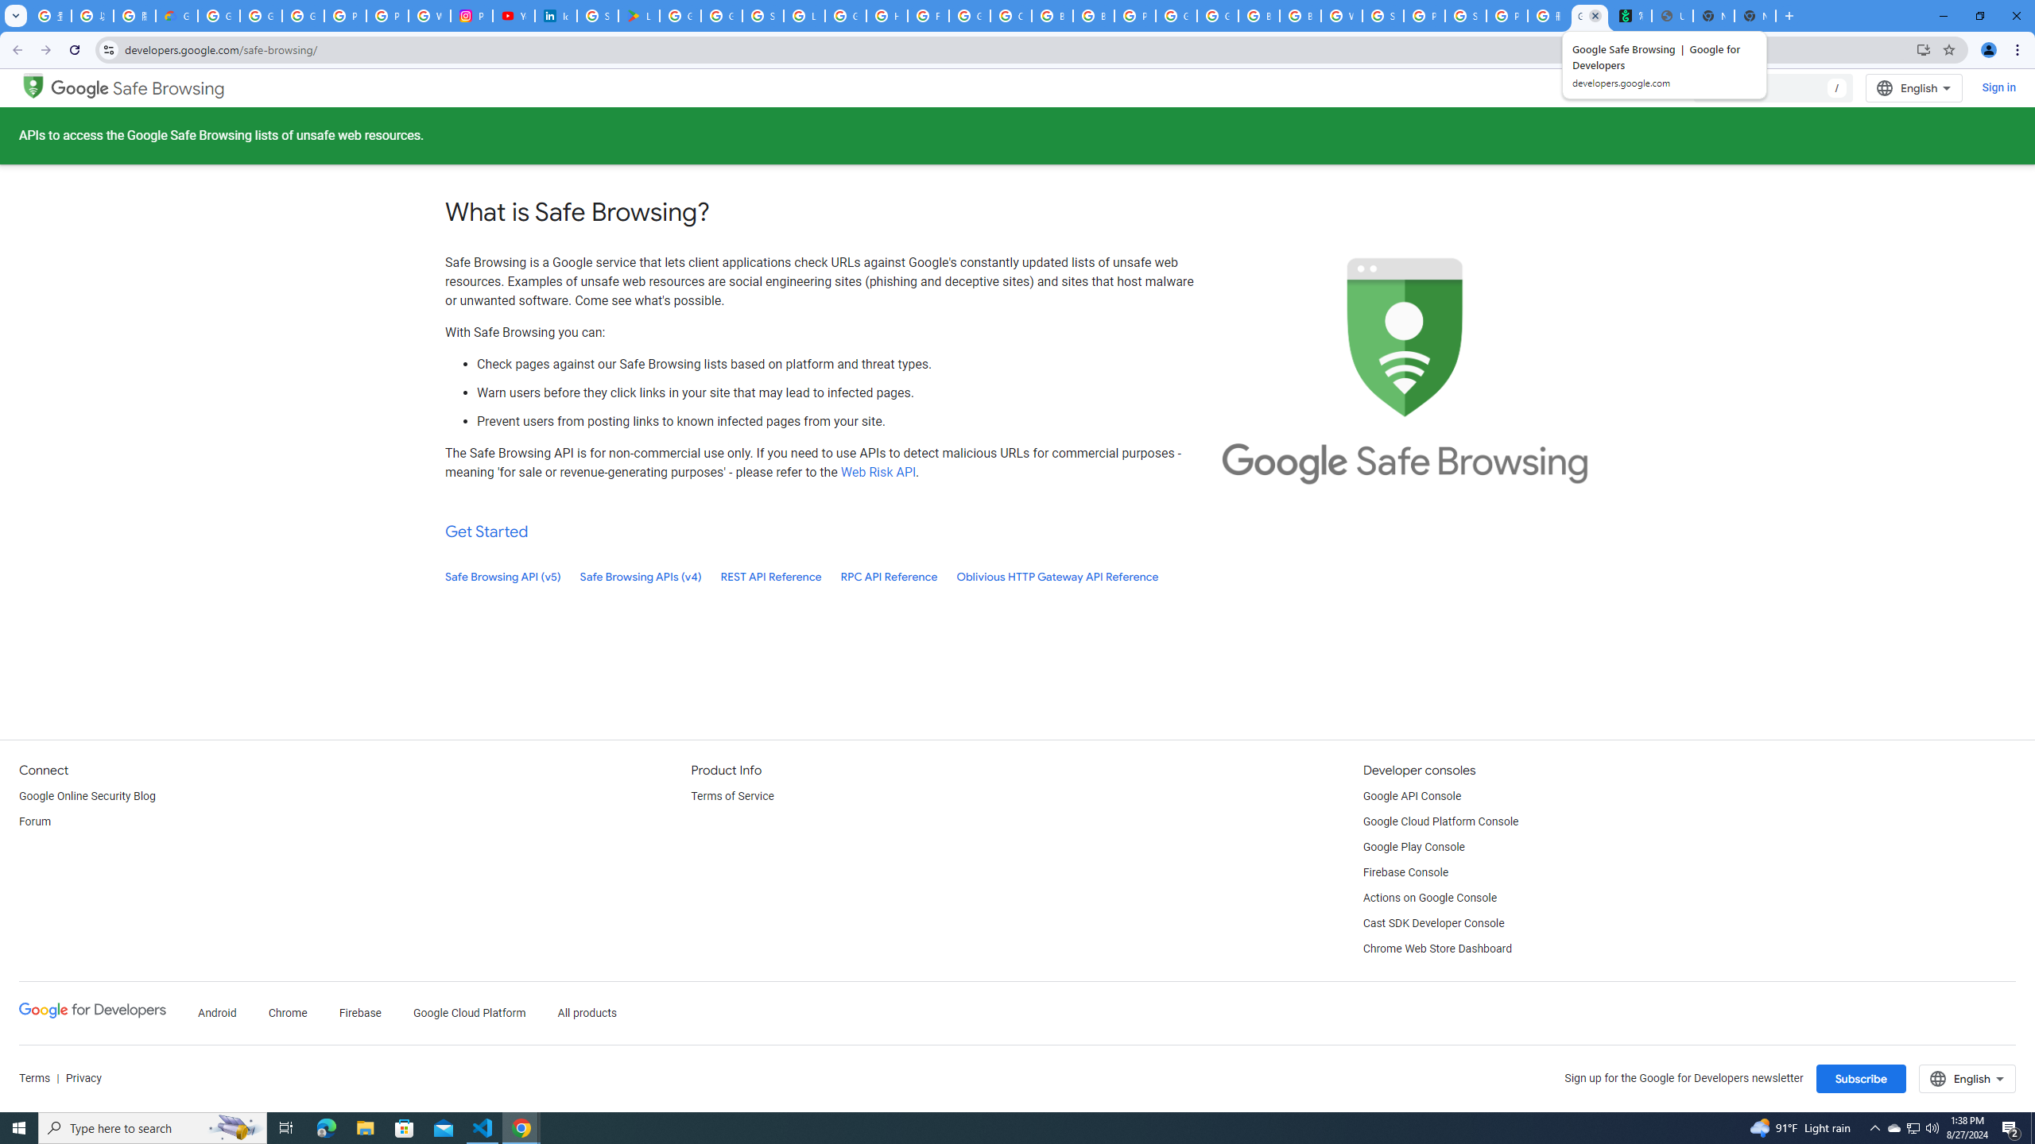  What do you see at coordinates (587, 1013) in the screenshot?
I see `'All products'` at bounding box center [587, 1013].